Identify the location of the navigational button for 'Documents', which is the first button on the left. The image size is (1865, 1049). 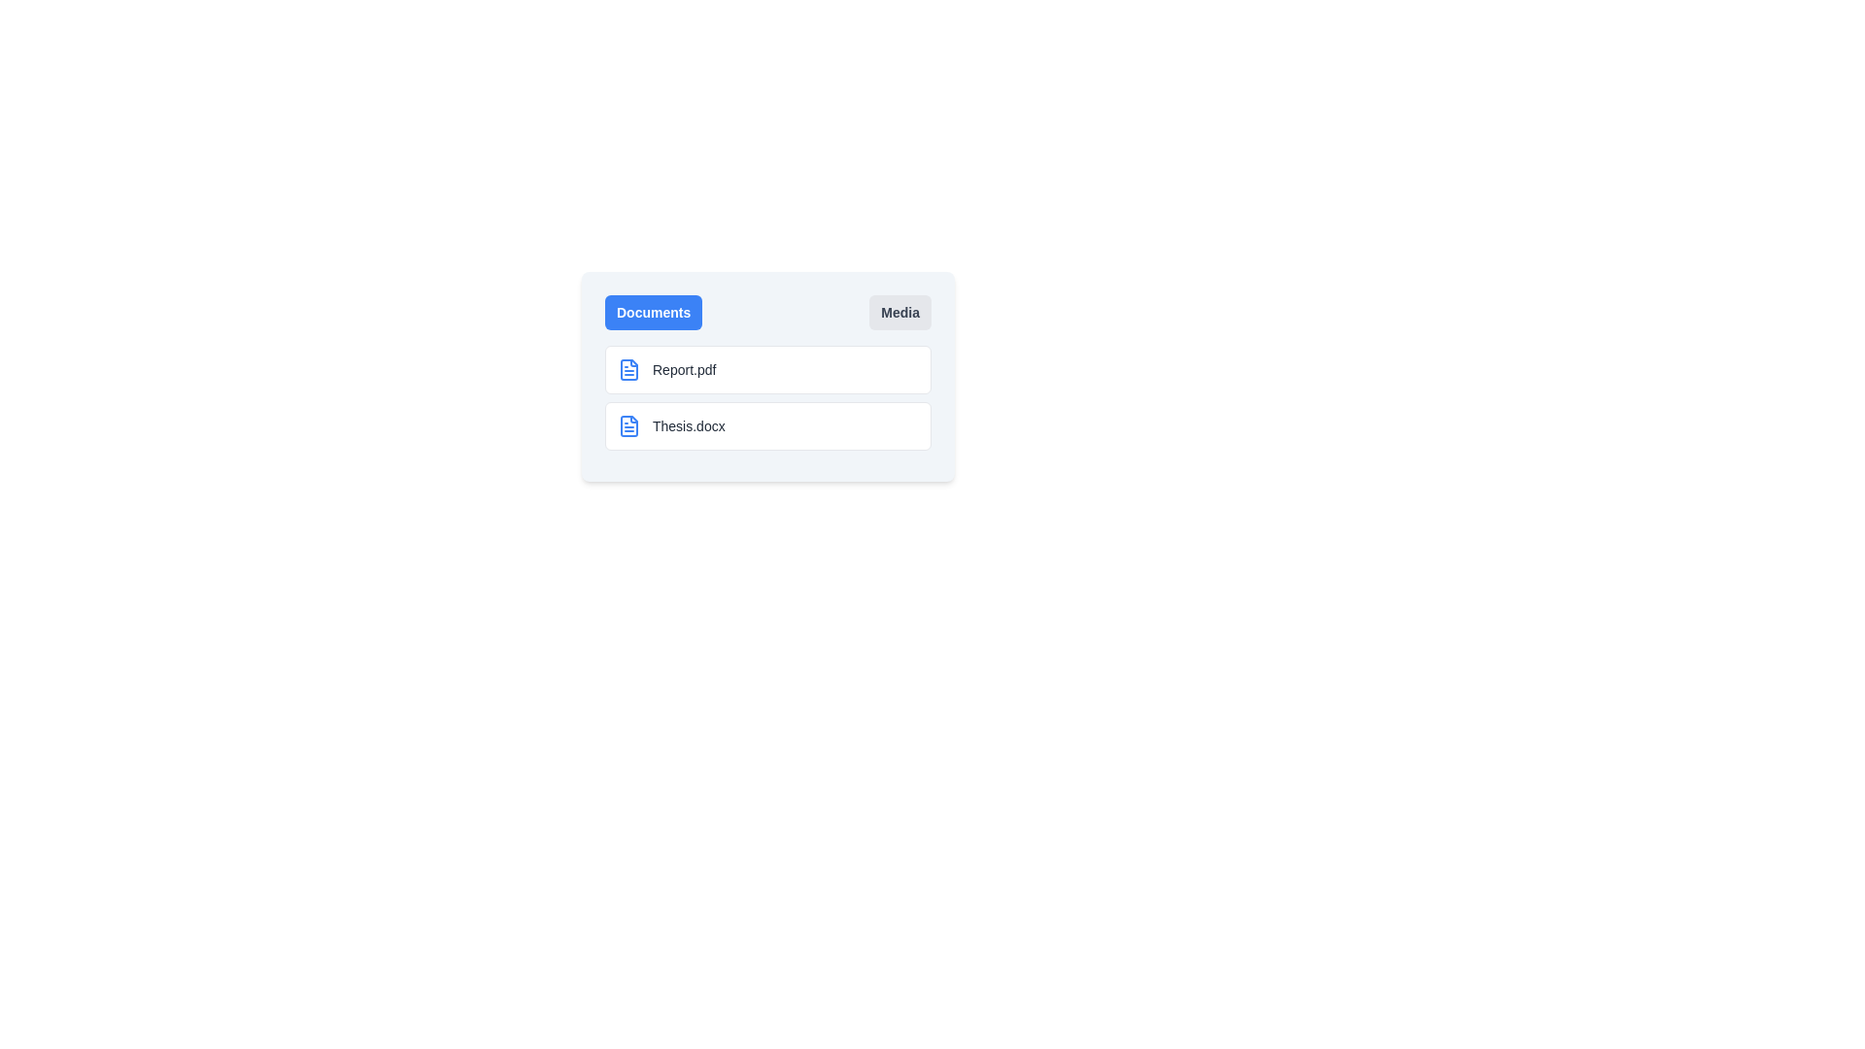
(653, 311).